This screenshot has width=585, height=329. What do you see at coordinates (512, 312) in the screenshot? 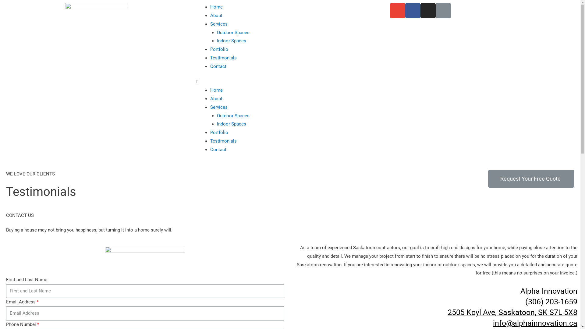
I see `'2505 Koyl Ave, Saskatoon, SK S7L 5X8'` at bounding box center [512, 312].